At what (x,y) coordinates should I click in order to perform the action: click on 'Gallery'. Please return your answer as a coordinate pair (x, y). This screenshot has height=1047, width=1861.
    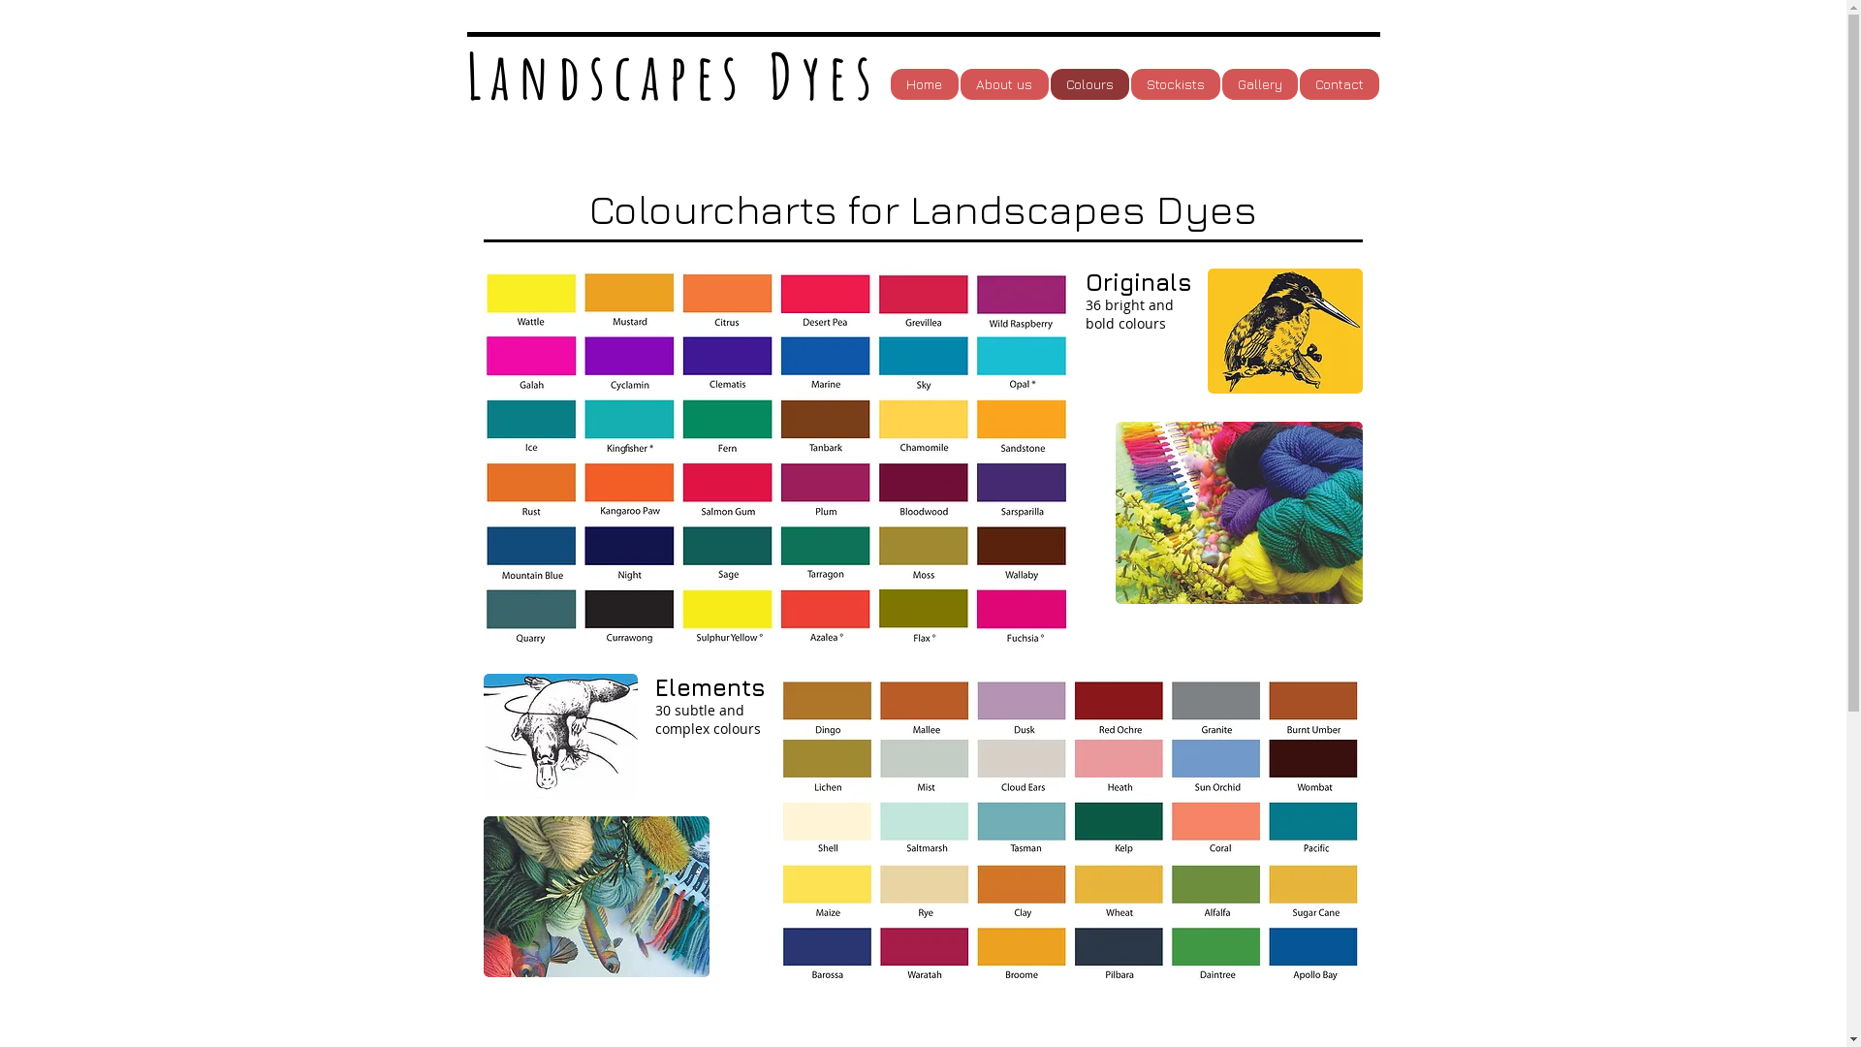
    Looking at the image, I should click on (1259, 83).